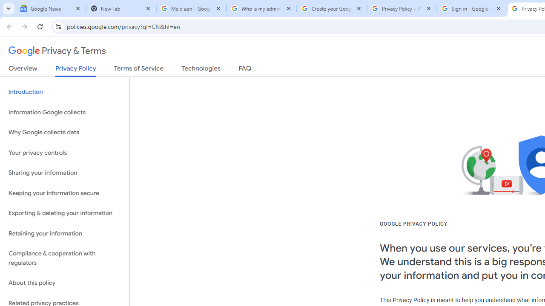 The height and width of the screenshot is (306, 545). What do you see at coordinates (64, 283) in the screenshot?
I see `'About this policy'` at bounding box center [64, 283].